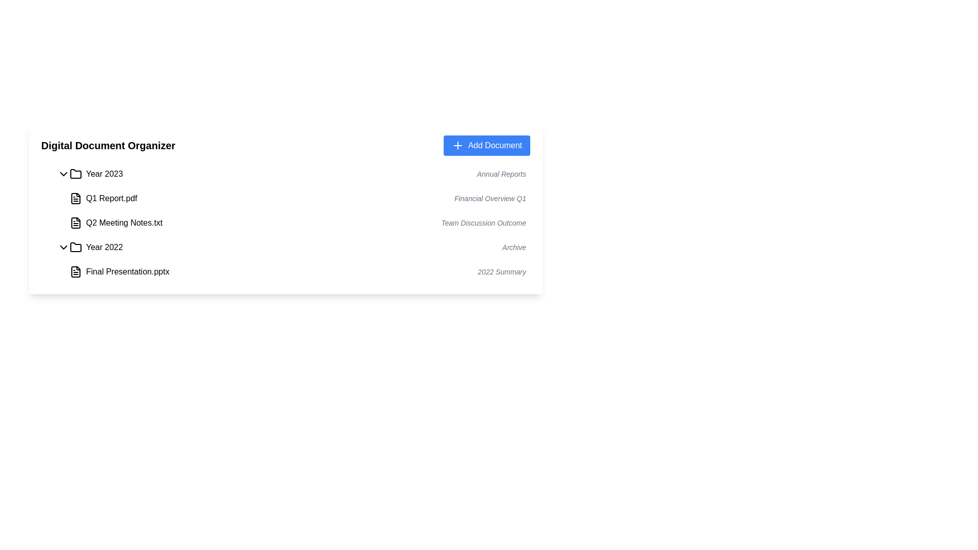 The height and width of the screenshot is (550, 978). Describe the element at coordinates (75, 223) in the screenshot. I see `the document icon representing 'Q2 Meeting Notes.txt', located under the 'Year 2023' section, next to the label 'Q2 Meeting Notes.txt'` at that location.